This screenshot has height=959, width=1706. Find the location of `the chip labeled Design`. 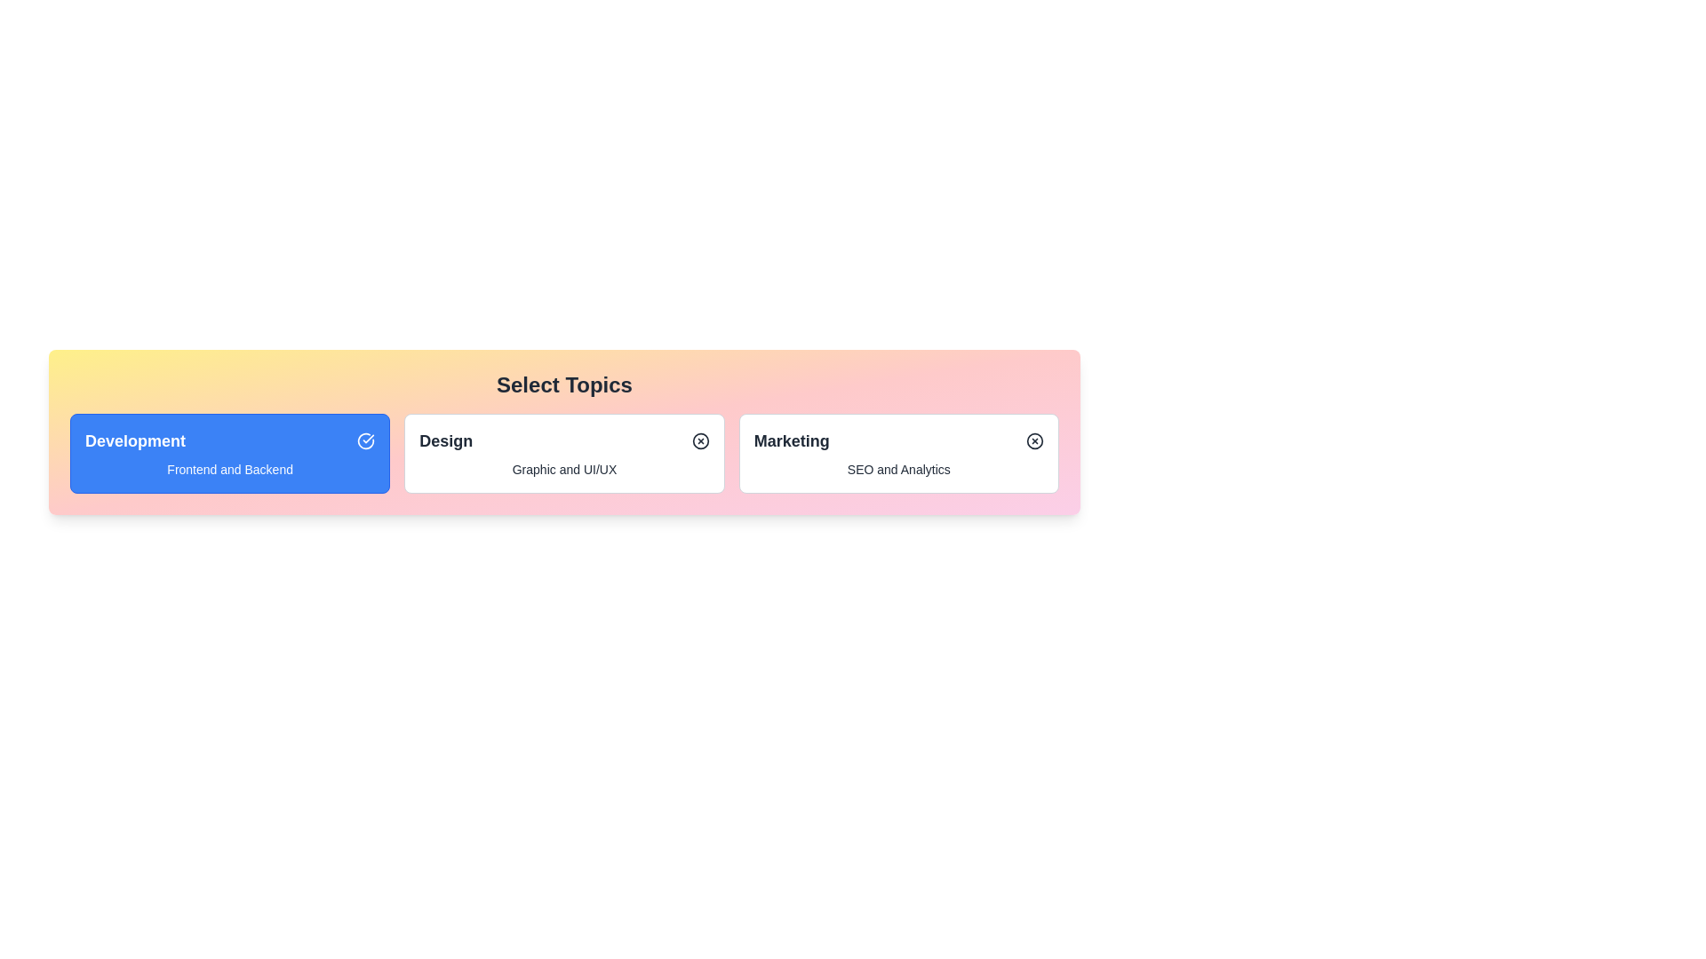

the chip labeled Design is located at coordinates (562, 452).